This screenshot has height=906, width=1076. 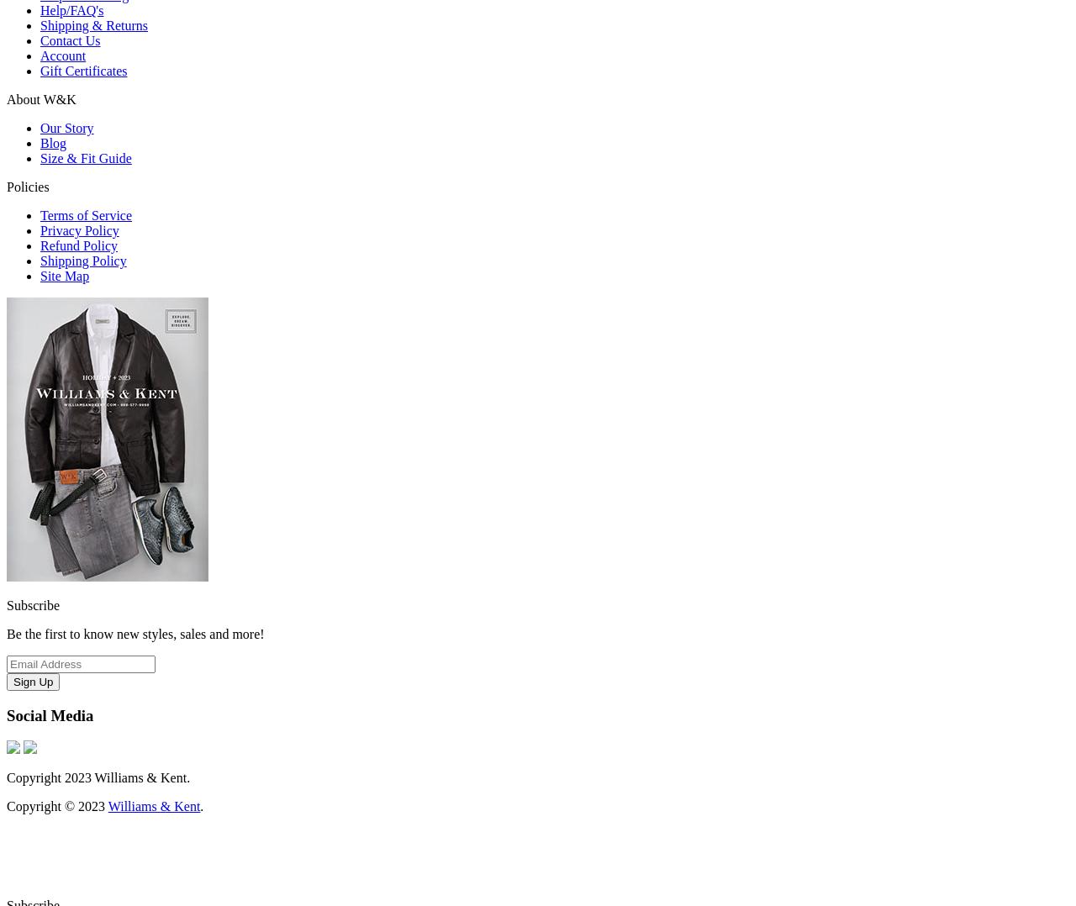 What do you see at coordinates (53, 141) in the screenshot?
I see `'Blog'` at bounding box center [53, 141].